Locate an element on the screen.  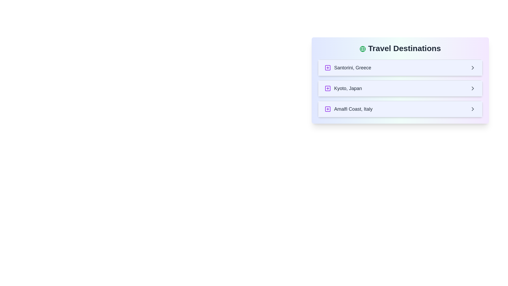
the 'Santorini, Greece' label, which is styled with a large bold font in dark gray and is the first item under the 'Travel Destinations' header is located at coordinates (348, 67).